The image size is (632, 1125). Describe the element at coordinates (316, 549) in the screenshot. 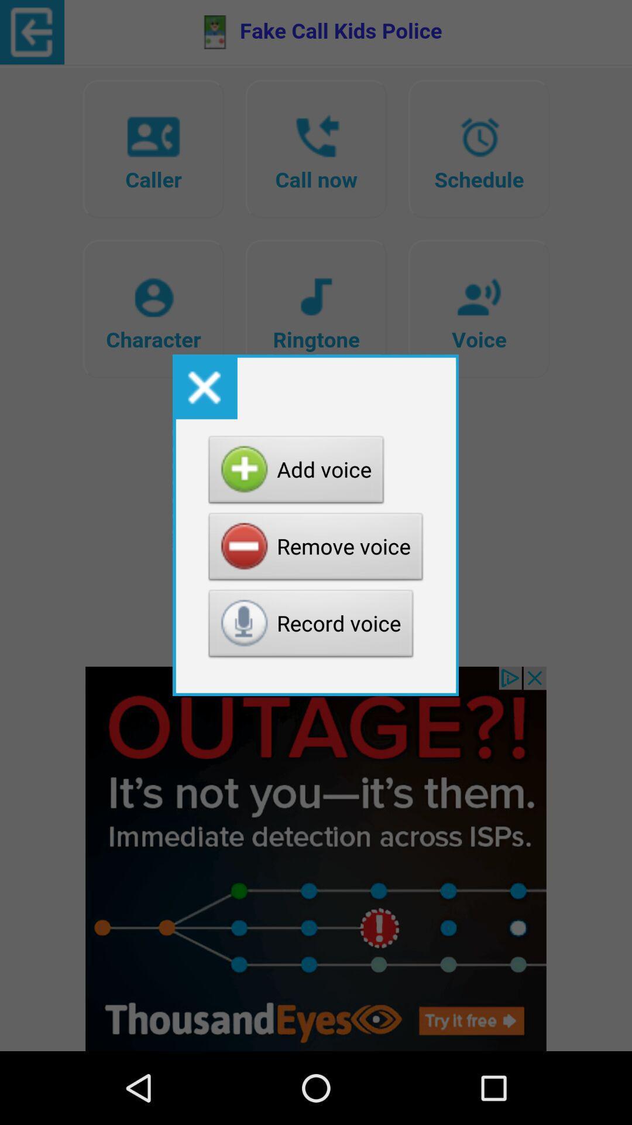

I see `the remove voice button` at that location.